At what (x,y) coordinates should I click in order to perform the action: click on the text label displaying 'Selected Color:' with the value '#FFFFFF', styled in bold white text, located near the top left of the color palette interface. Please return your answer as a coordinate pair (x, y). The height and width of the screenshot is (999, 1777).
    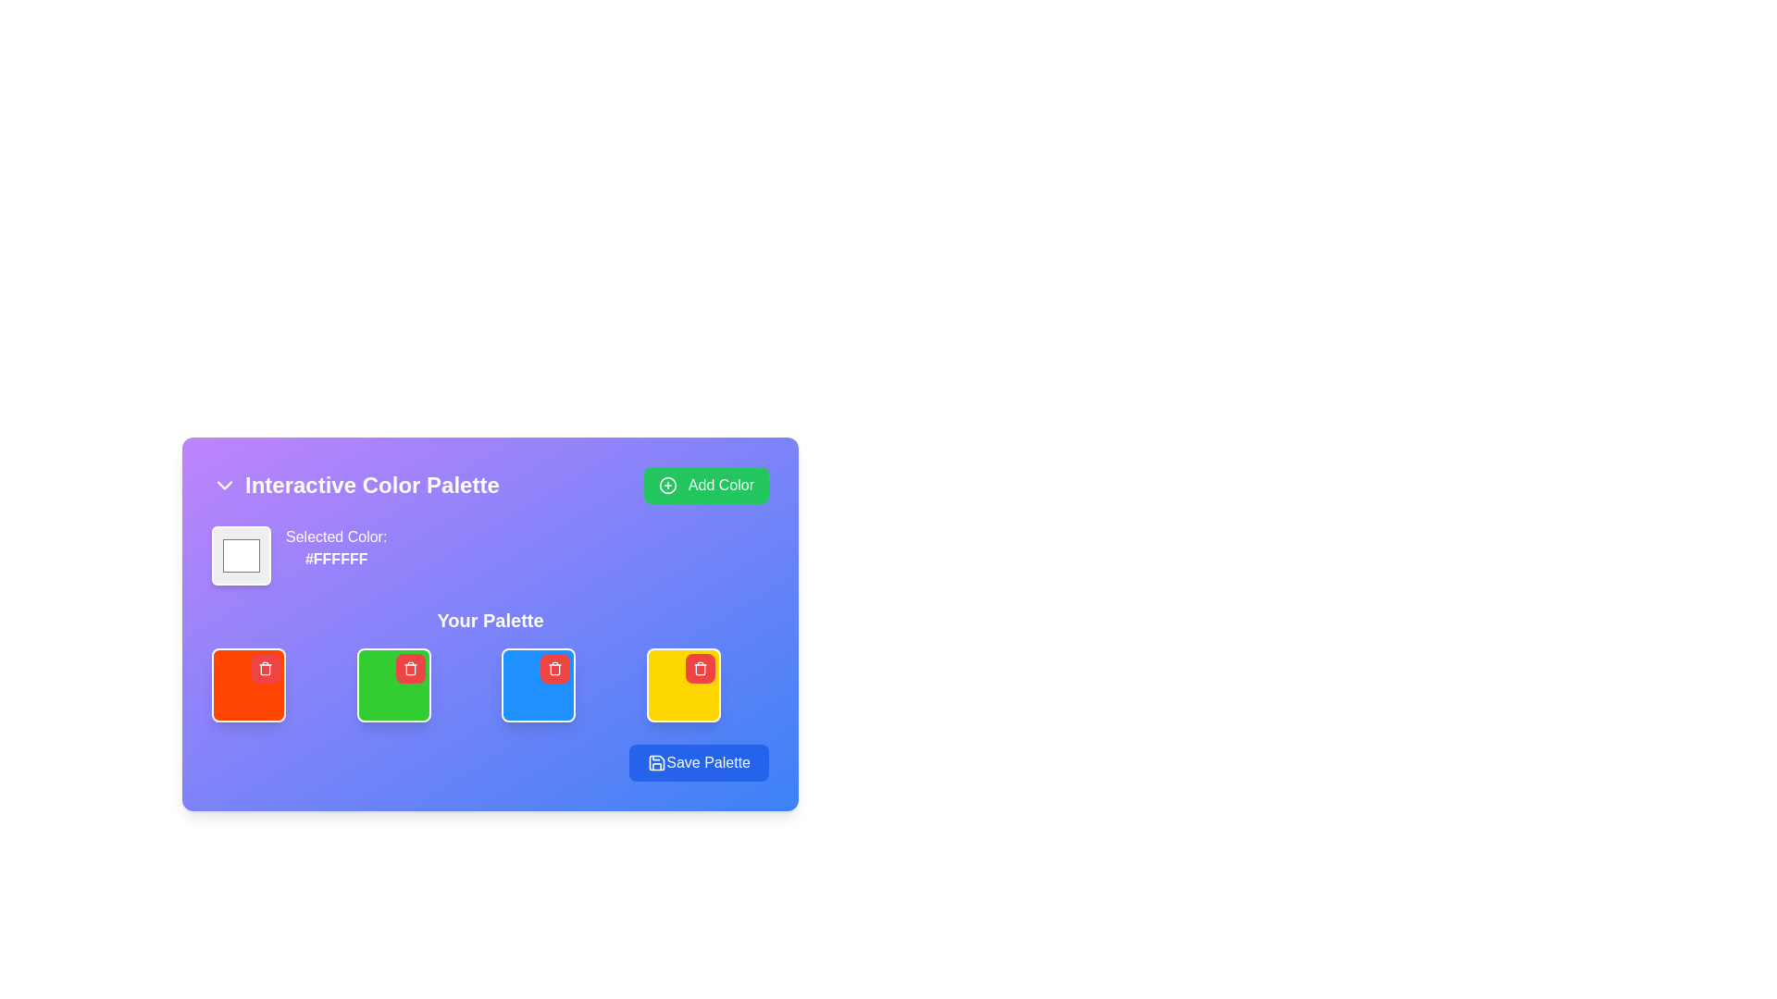
    Looking at the image, I should click on (336, 555).